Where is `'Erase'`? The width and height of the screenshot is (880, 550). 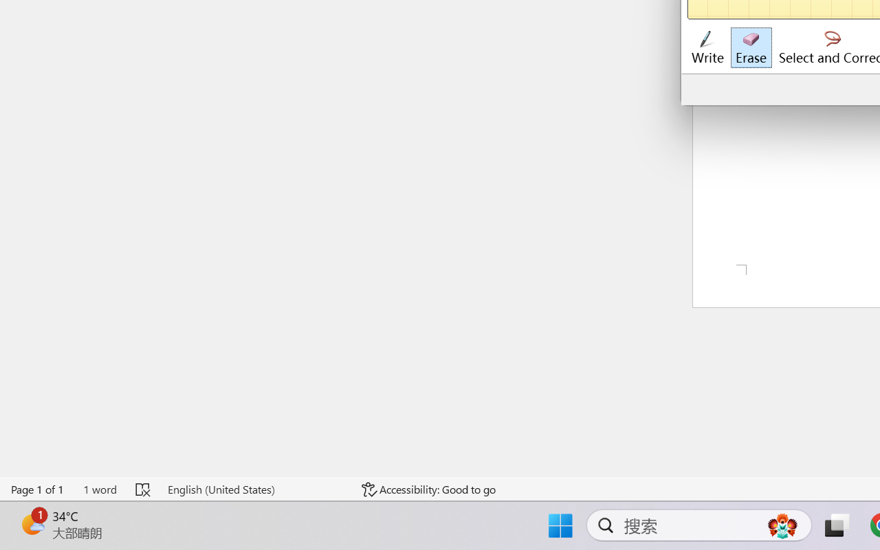
'Erase' is located at coordinates (750, 47).